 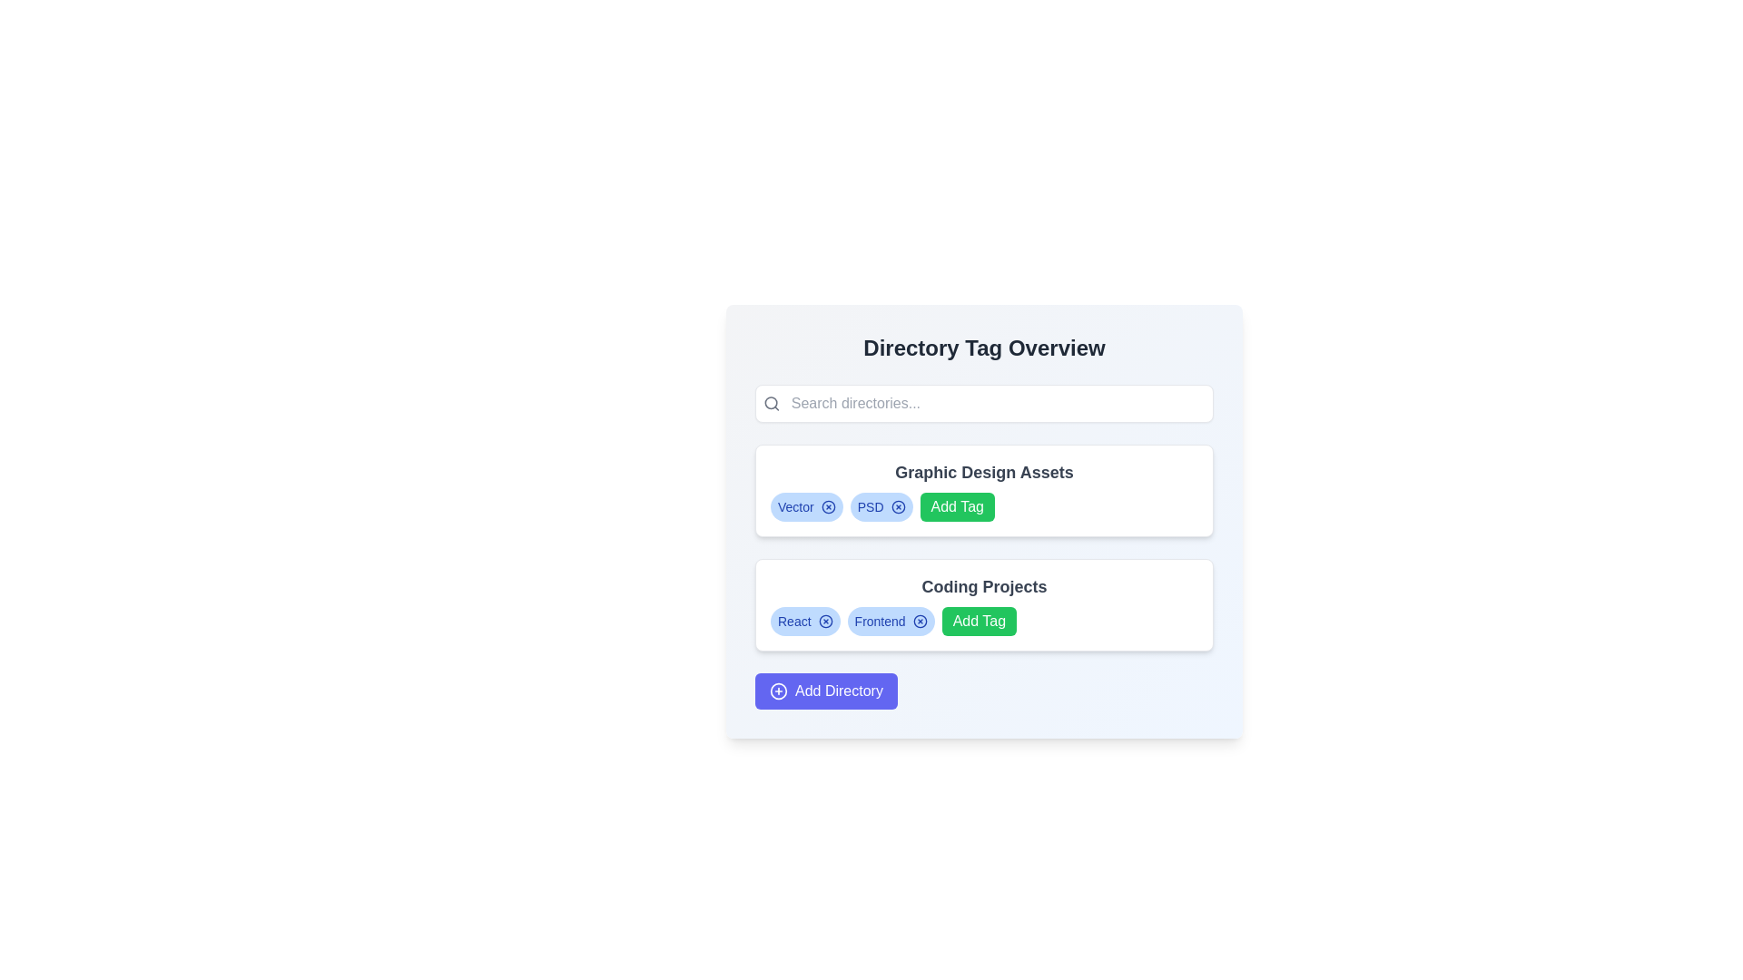 What do you see at coordinates (827, 507) in the screenshot?
I see `the X icon located on the far right side of the 'Vector' tag` at bounding box center [827, 507].